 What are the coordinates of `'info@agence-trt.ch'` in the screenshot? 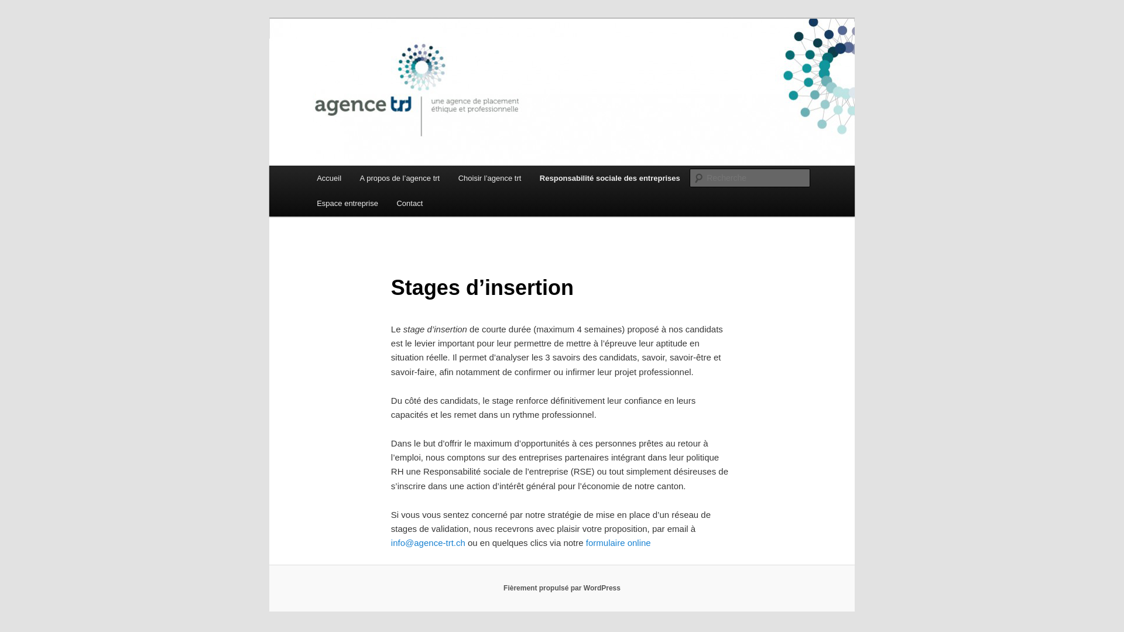 It's located at (427, 542).